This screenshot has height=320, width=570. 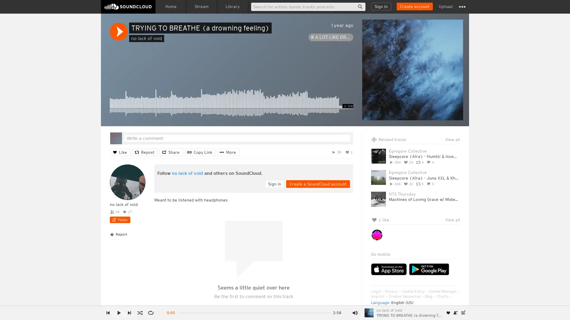 What do you see at coordinates (318, 183) in the screenshot?
I see `Create a SoundCloud account` at bounding box center [318, 183].